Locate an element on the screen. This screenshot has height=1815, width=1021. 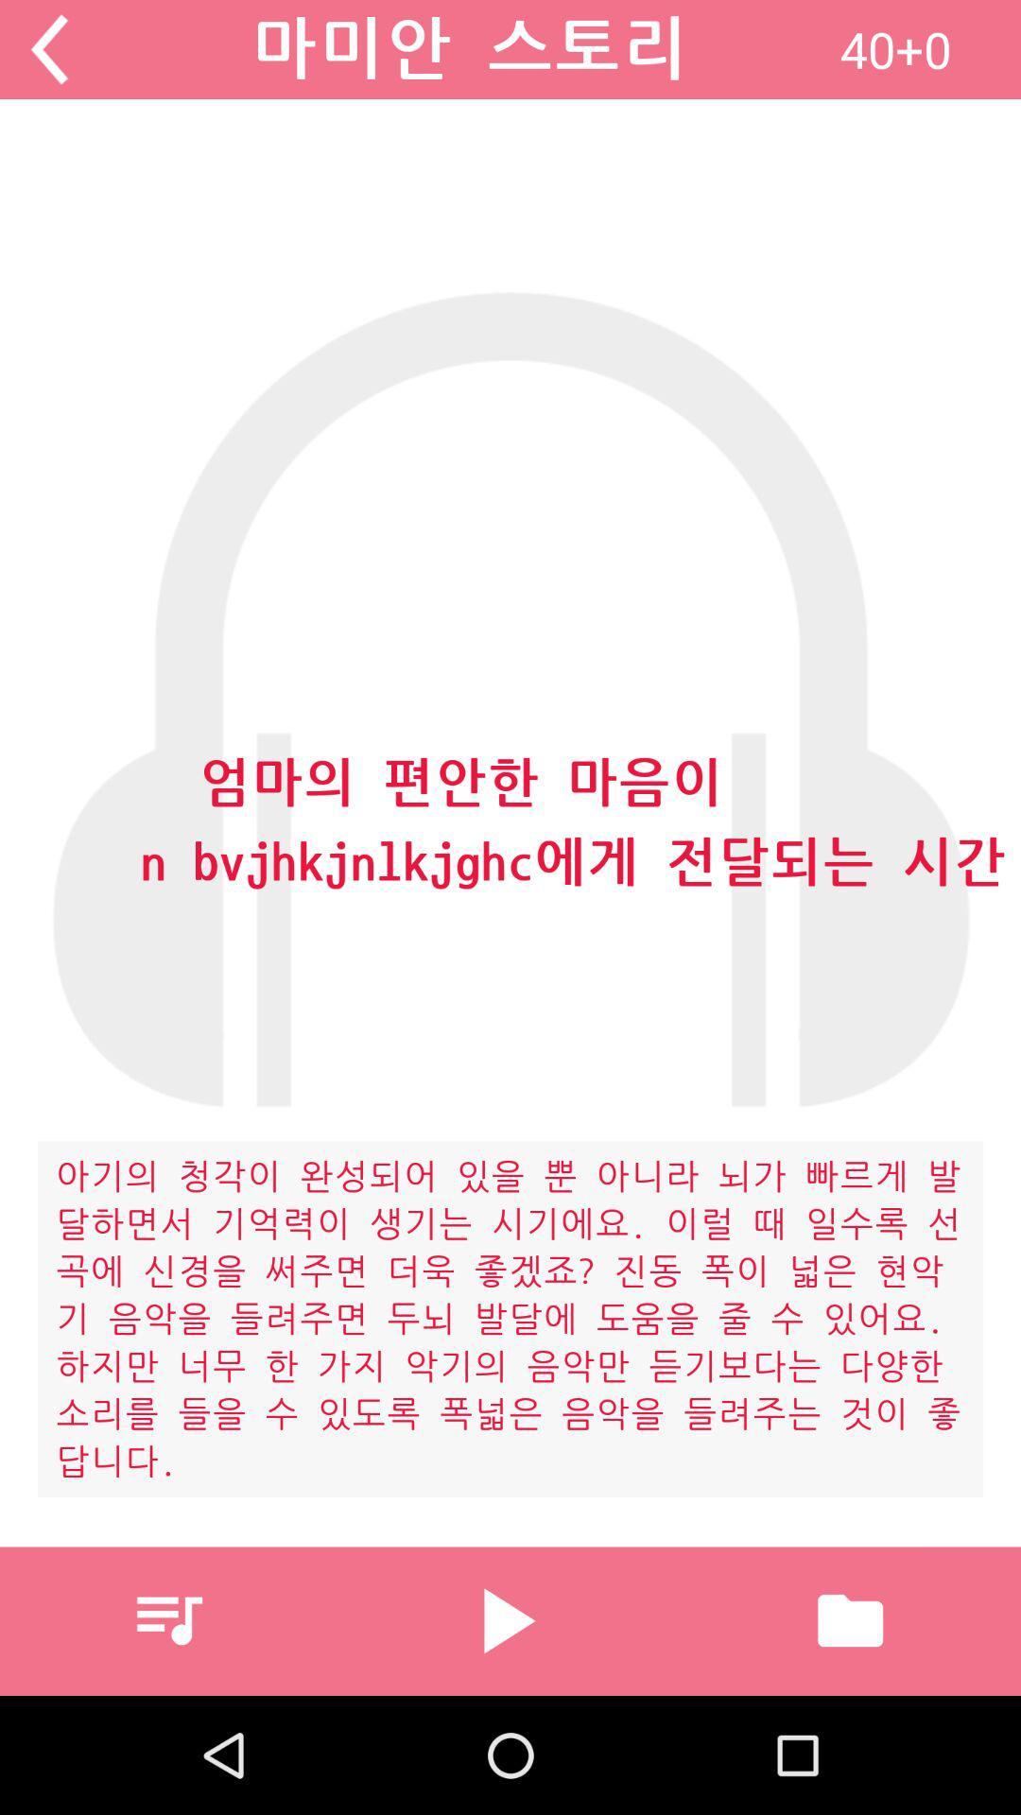
item at the top left corner is located at coordinates (48, 49).